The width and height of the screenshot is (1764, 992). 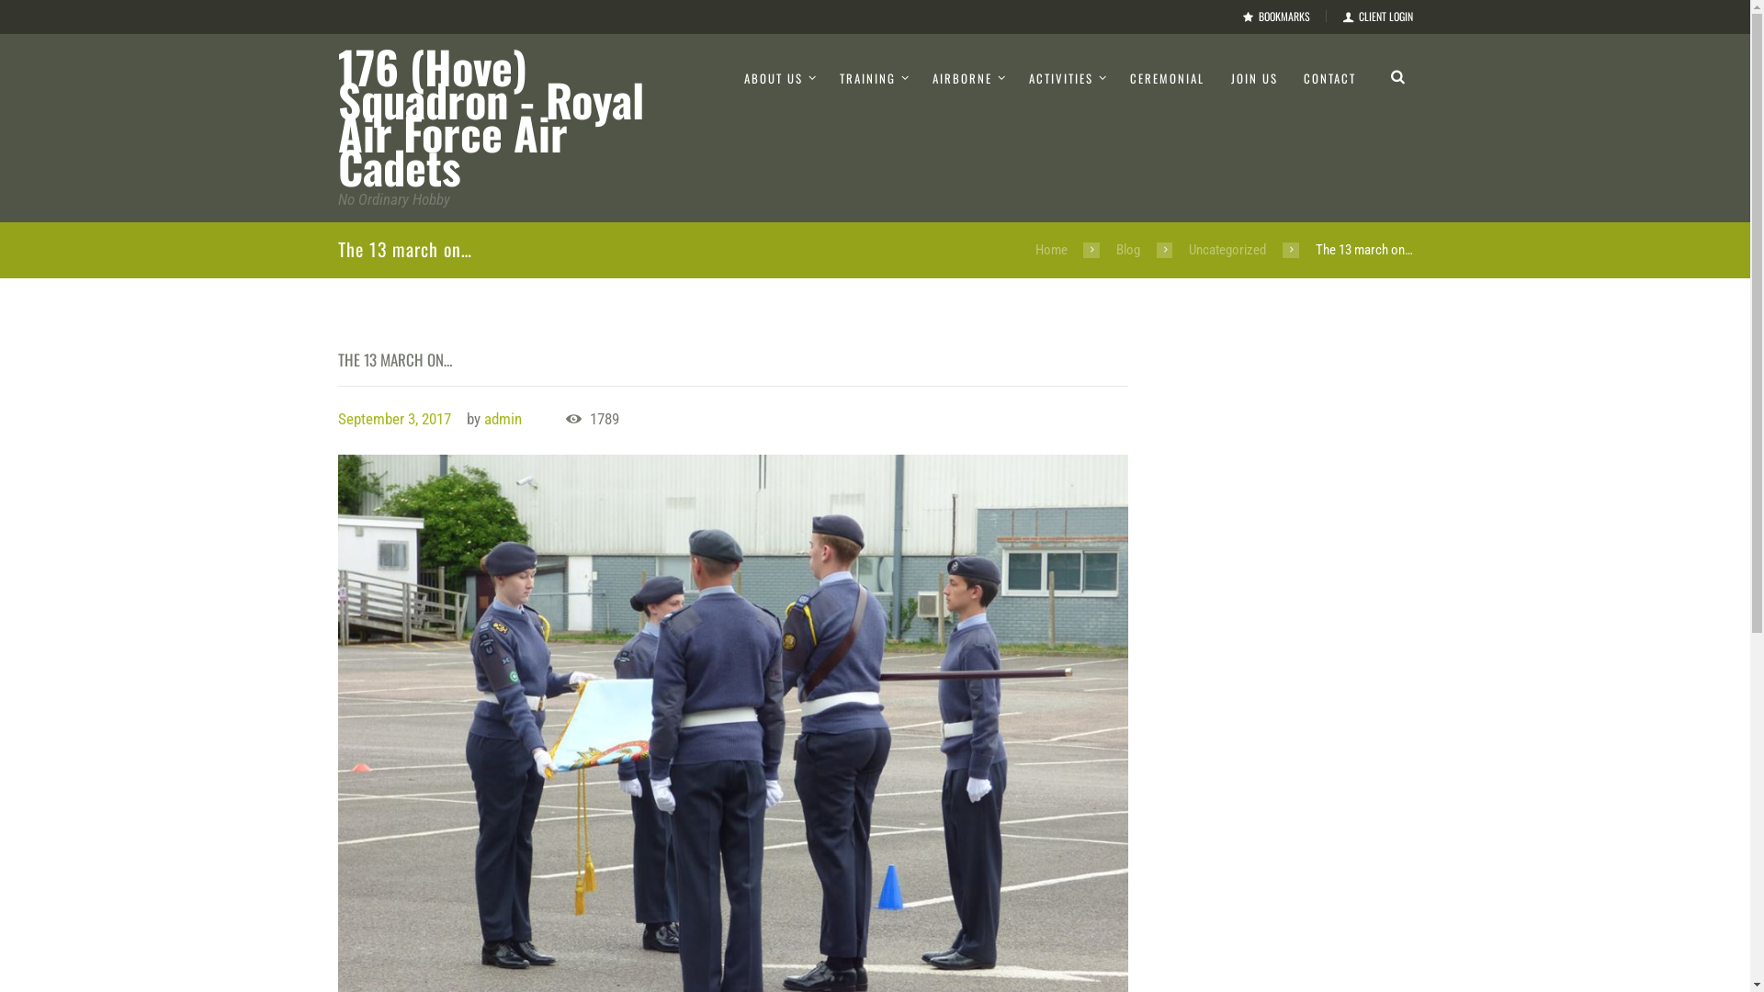 I want to click on 'BOOKMARKS', so click(x=1275, y=17).